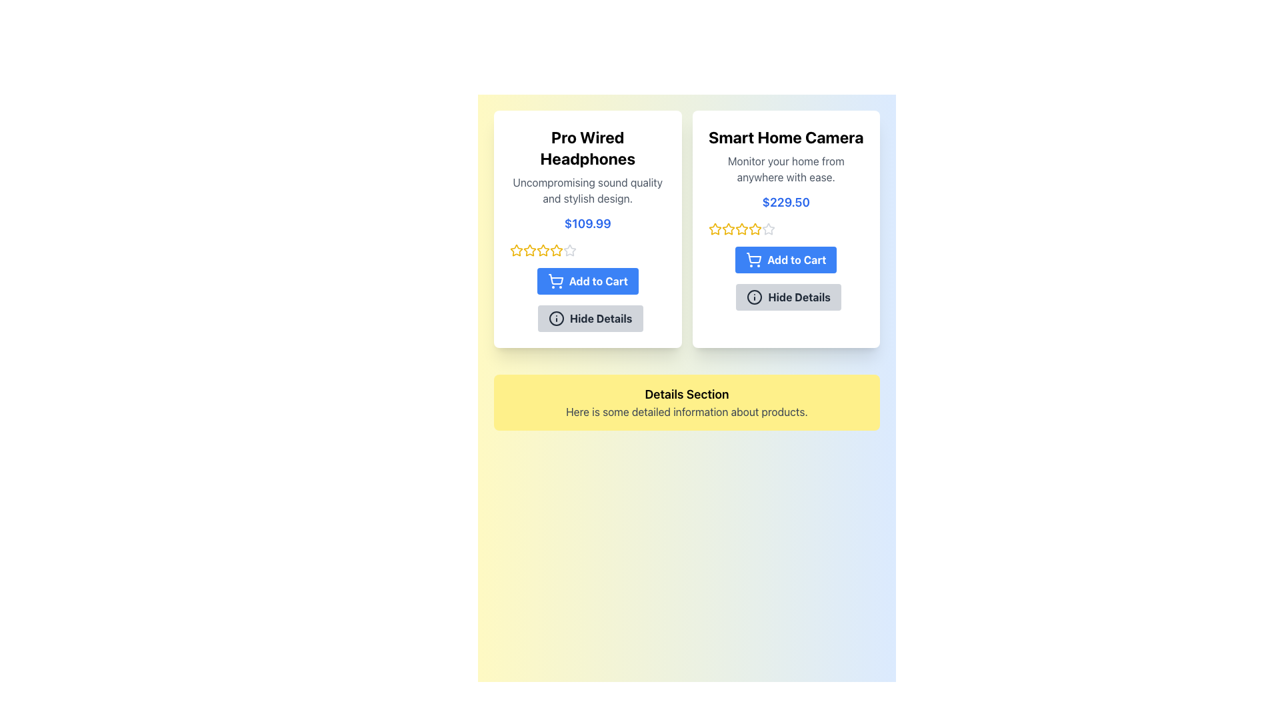 The image size is (1280, 720). I want to click on the third star icon in the rating system located below the product price in the 'Pro Wired Headphones' card, so click(543, 250).